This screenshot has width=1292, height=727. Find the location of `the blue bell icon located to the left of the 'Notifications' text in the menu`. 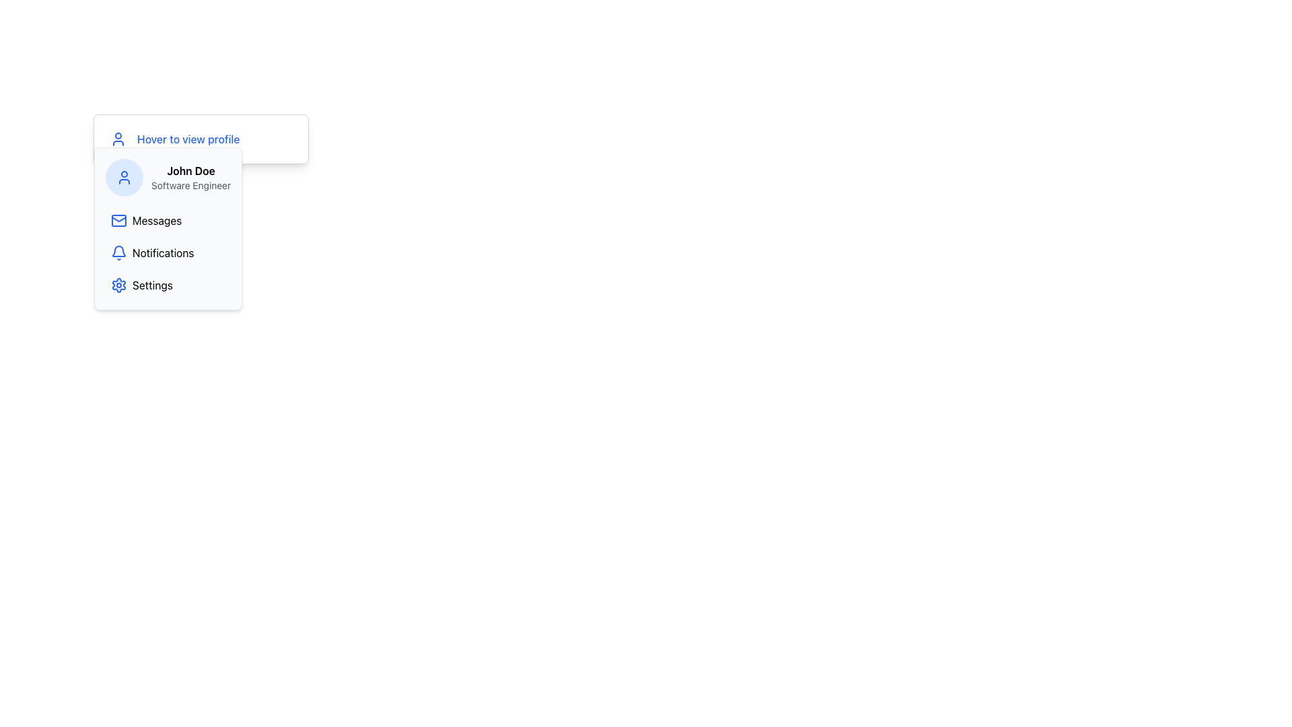

the blue bell icon located to the left of the 'Notifications' text in the menu is located at coordinates (119, 252).